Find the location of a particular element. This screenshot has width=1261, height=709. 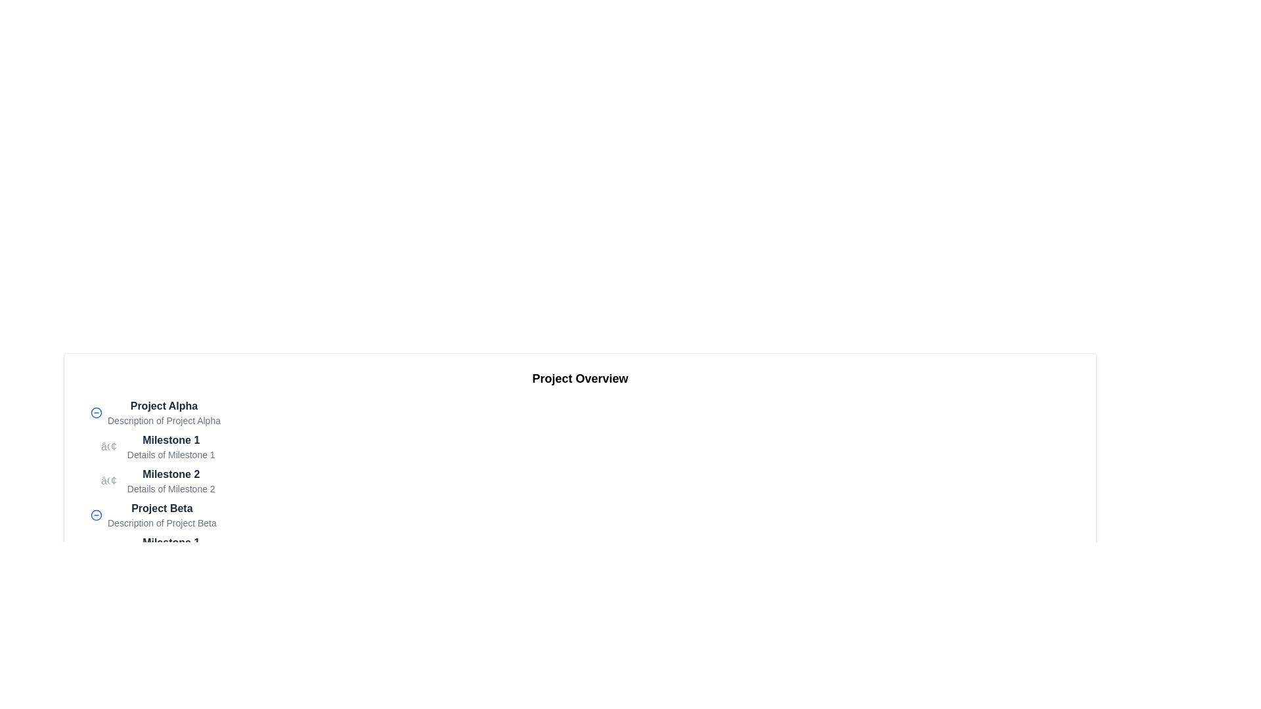

the bullet symbol which visually denotes the start of the item 'Milestone 2' in the list is located at coordinates (108, 481).